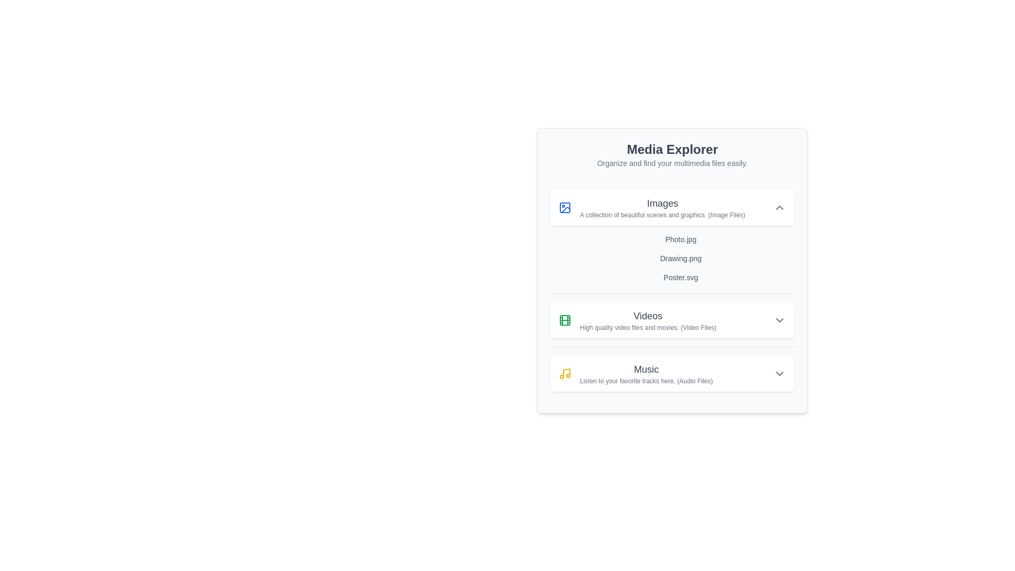 The image size is (1015, 571). Describe the element at coordinates (651, 208) in the screenshot. I see `the interactive element titled 'Images', which features a blue icon and a description about image files` at that location.